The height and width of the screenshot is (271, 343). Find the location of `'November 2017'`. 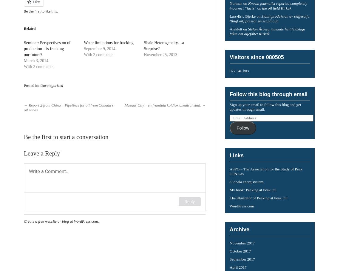

'November 2017' is located at coordinates (242, 243).